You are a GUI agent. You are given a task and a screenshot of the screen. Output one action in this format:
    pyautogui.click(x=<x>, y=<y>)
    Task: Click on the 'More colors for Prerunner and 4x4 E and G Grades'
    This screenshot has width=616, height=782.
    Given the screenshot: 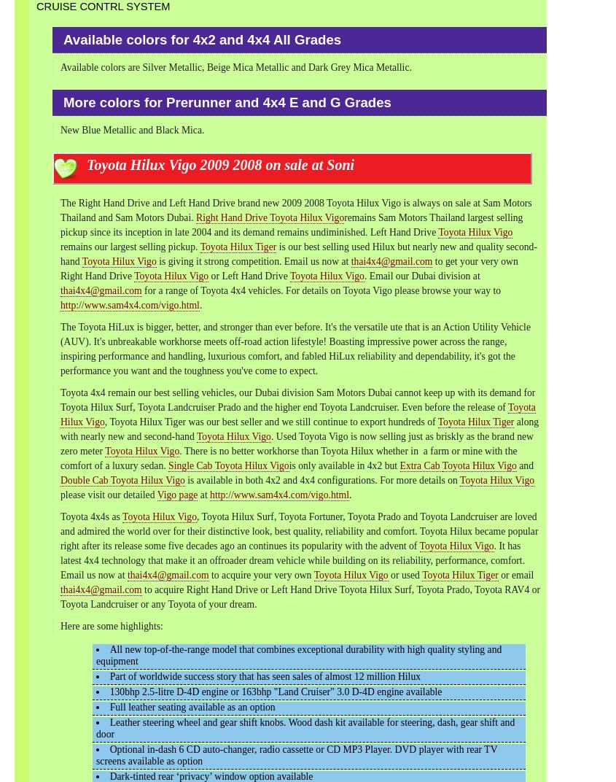 What is the action you would take?
    pyautogui.click(x=227, y=101)
    